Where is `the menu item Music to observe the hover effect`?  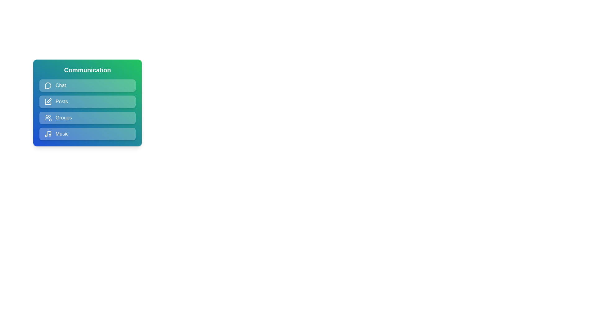
the menu item Music to observe the hover effect is located at coordinates (87, 134).